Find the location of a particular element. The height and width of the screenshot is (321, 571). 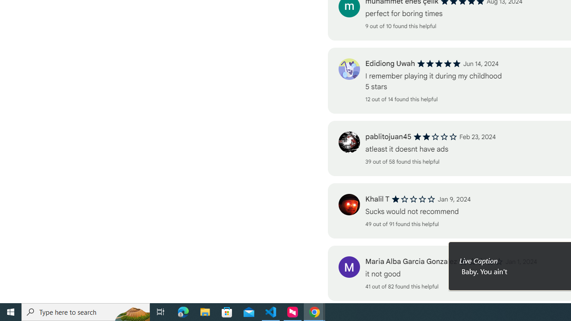

'5 out of 5 stars' is located at coordinates (439, 63).